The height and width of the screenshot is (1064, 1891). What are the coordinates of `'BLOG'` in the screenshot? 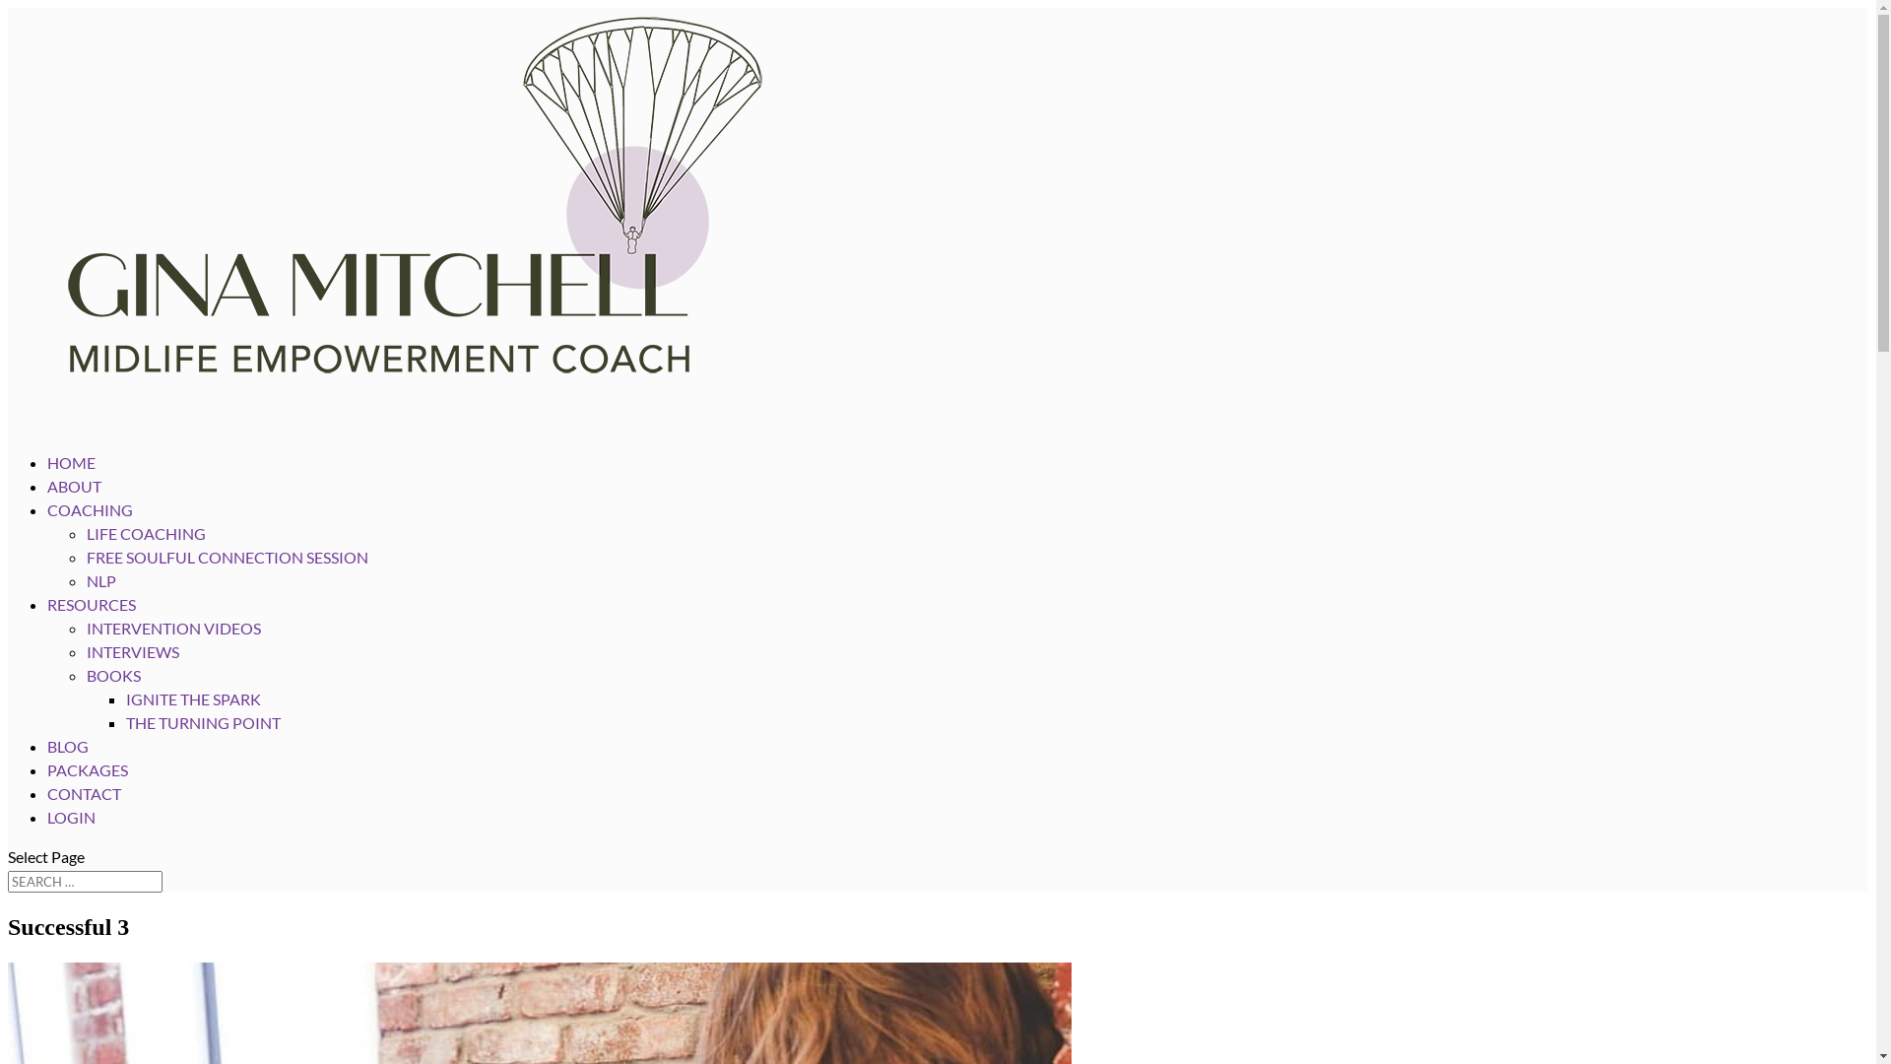 It's located at (47, 766).